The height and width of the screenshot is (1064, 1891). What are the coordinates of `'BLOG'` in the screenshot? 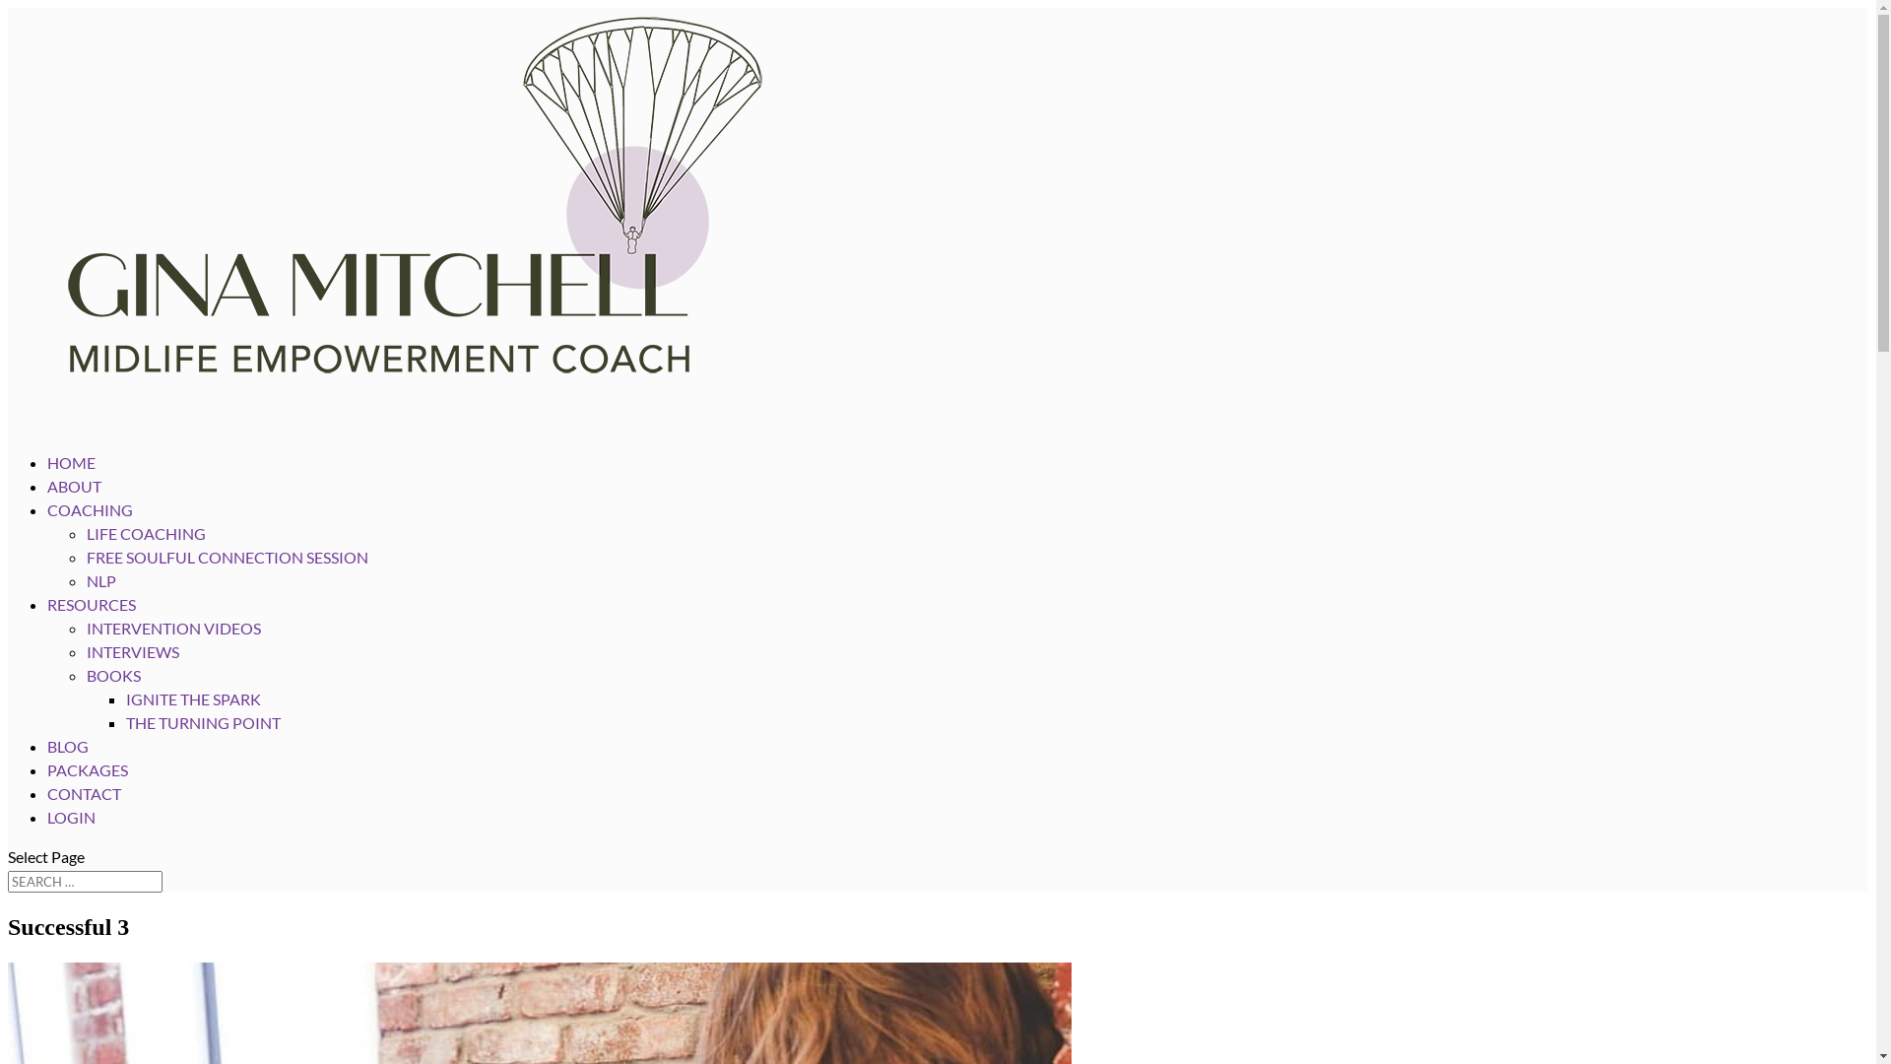 It's located at (47, 766).